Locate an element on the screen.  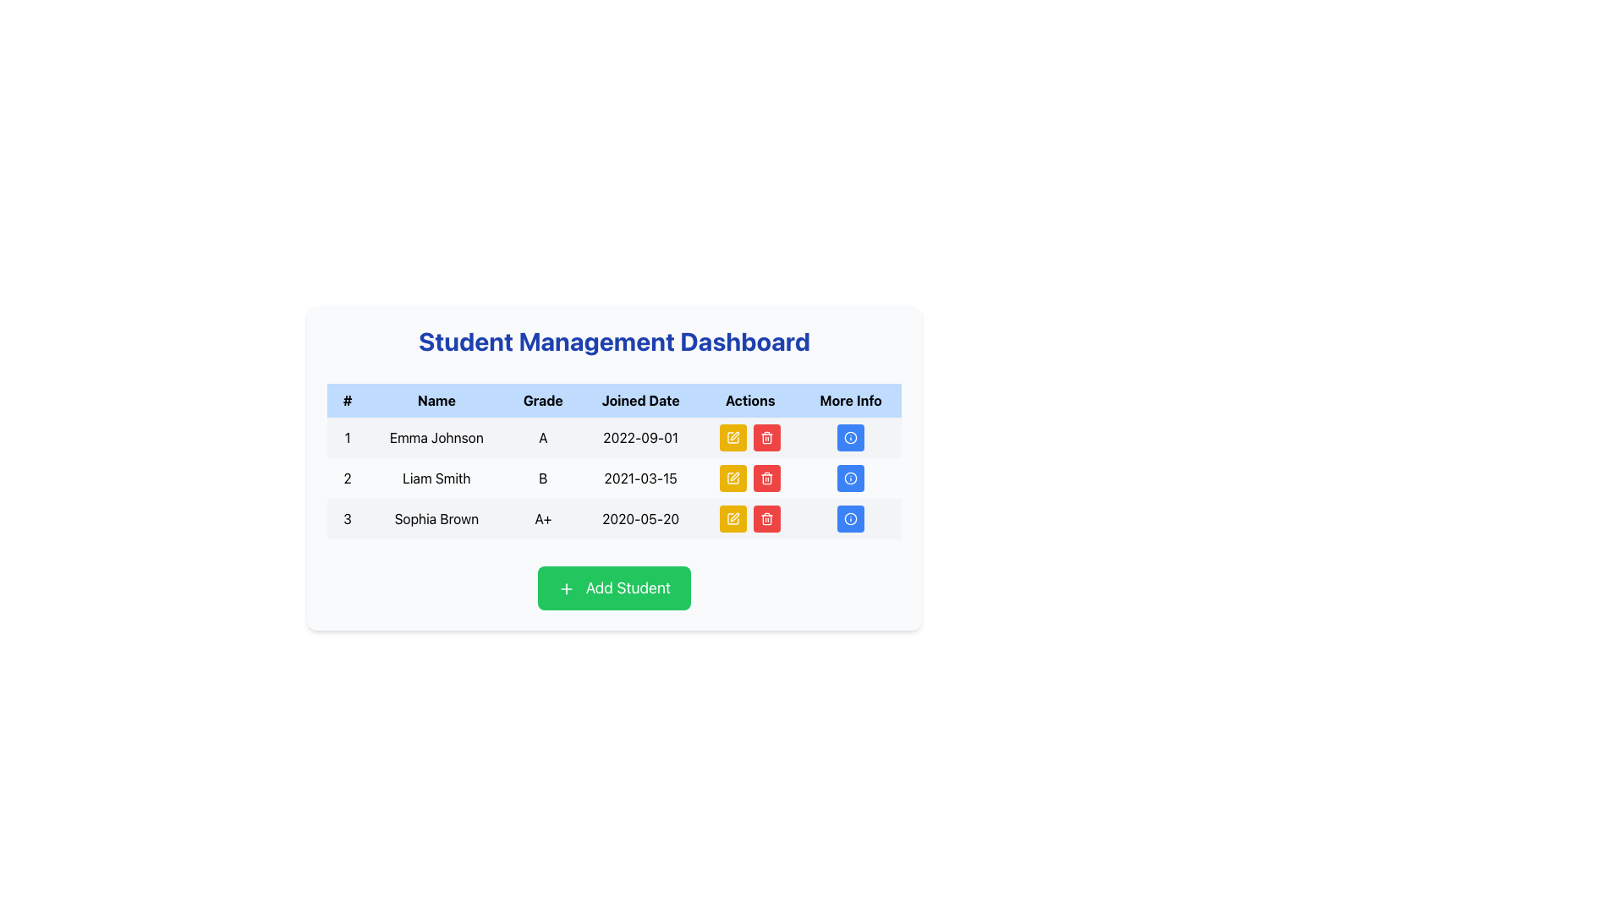
the edit button icon for the row corresponding to 'Liam Smith' to enhance accessibility is located at coordinates (735, 476).